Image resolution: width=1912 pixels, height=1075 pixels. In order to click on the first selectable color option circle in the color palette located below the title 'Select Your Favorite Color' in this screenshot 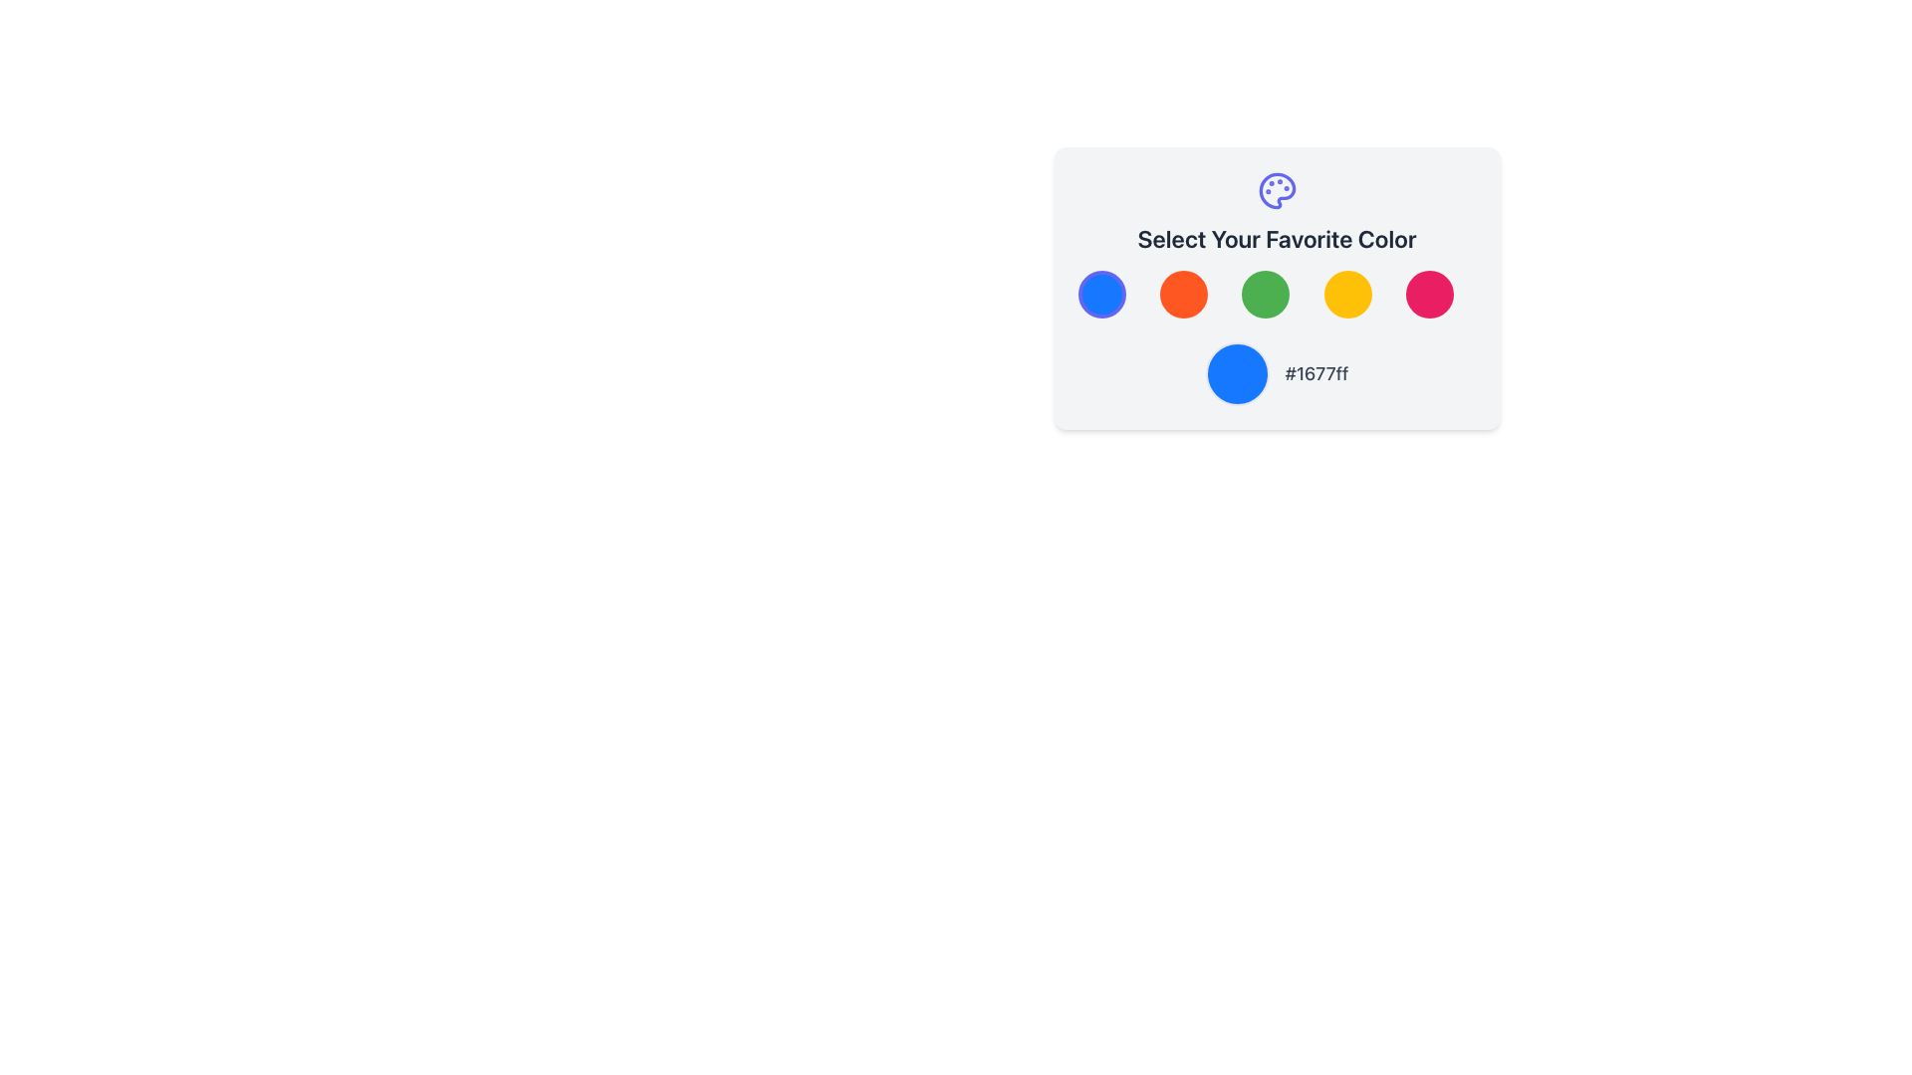, I will do `click(1100, 295)`.